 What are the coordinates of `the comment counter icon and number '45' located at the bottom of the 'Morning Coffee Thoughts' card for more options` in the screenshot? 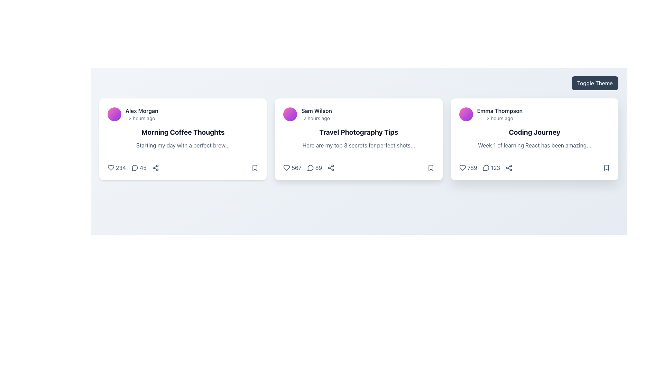 It's located at (138, 168).